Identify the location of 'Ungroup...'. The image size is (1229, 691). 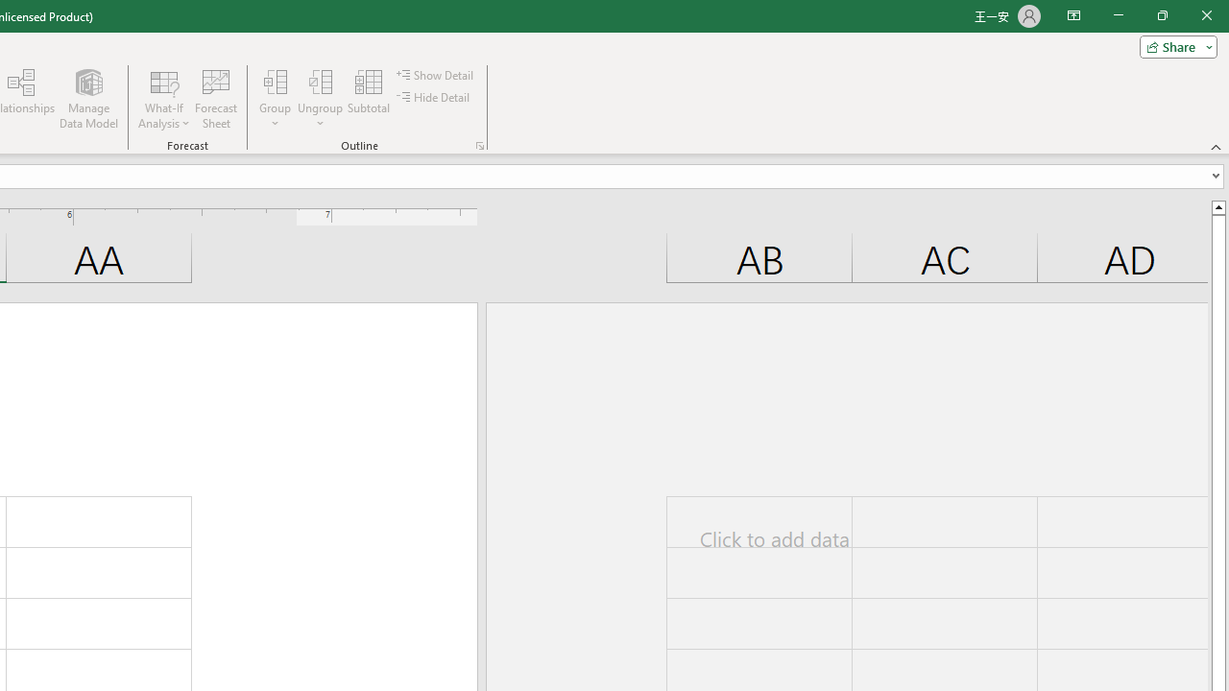
(321, 81).